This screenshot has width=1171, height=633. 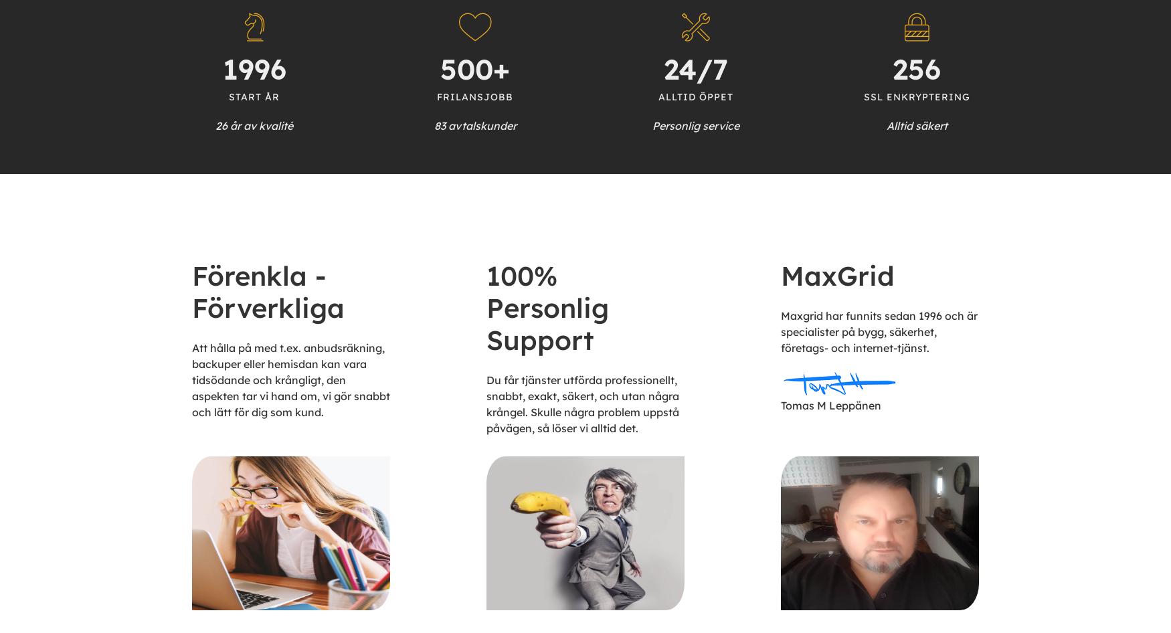 I want to click on 'Du får tjänster utförda professionellt, snabbt, exakt, säkert, och utan några krångel. Skulle några problem uppstå påvägen, så löser vi alltid det.', so click(x=582, y=402).